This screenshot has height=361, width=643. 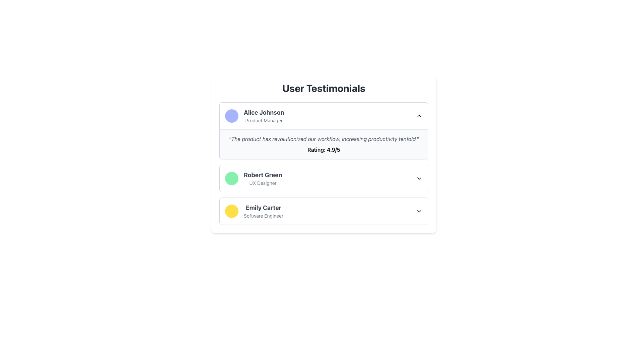 What do you see at coordinates (263, 183) in the screenshot?
I see `the text label displaying the occupation 'UX Designer' associated with 'Robert Green', which is positioned directly beneath the name in the testimonial section` at bounding box center [263, 183].